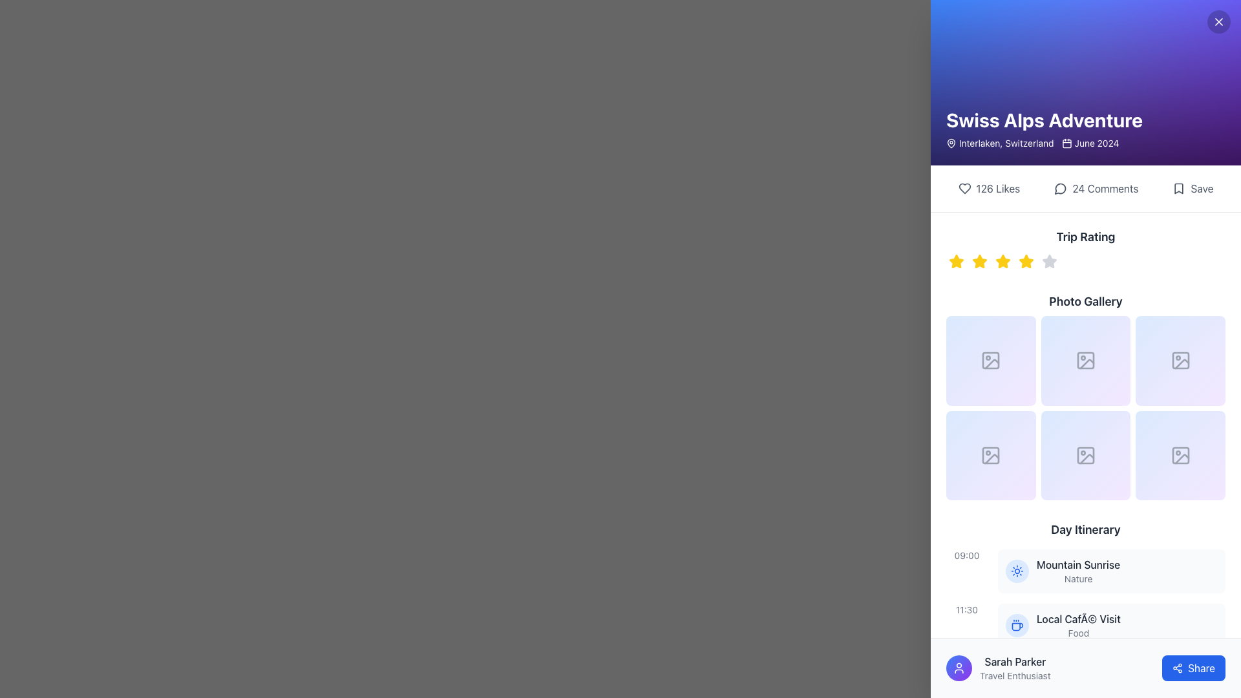 The image size is (1241, 698). Describe the element at coordinates (1078, 564) in the screenshot. I see `the text label displaying 'Mountain Sunrise', which is styled with a medium-weight font in dark gray color, located in the 'Day Itinerary' section above the 'Local Café Visit' item` at that location.